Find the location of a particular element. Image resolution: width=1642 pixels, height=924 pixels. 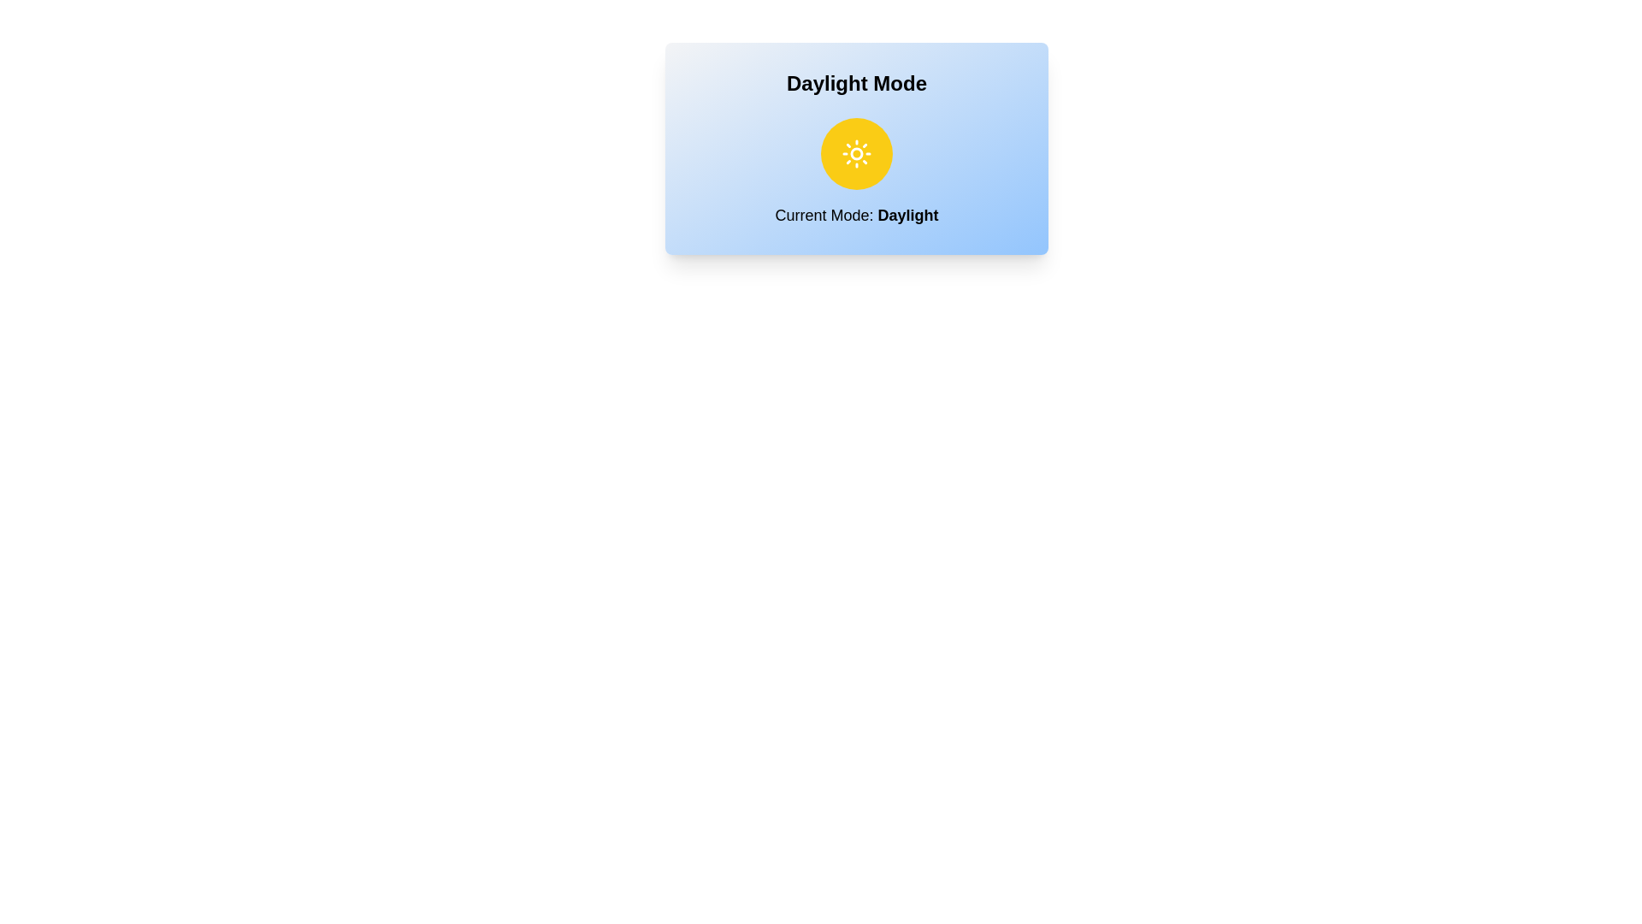

the ScenicToggleButton to observe the hover effect is located at coordinates (857, 154).